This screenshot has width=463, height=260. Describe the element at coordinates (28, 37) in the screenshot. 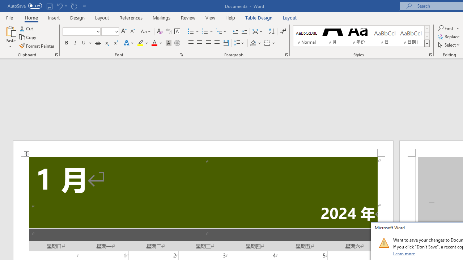

I see `'Copy'` at that location.